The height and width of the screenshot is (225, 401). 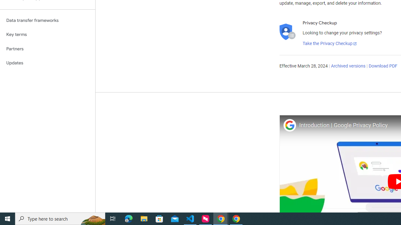 What do you see at coordinates (330, 43) in the screenshot?
I see `'Take the Privacy Checkup'` at bounding box center [330, 43].